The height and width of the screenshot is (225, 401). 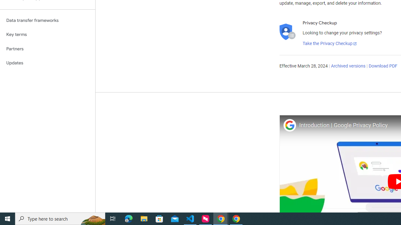 What do you see at coordinates (330, 43) in the screenshot?
I see `'Take the Privacy Checkup'` at bounding box center [330, 43].